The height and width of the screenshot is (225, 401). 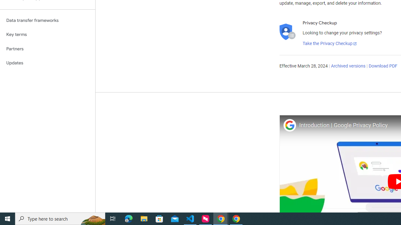 What do you see at coordinates (330, 43) in the screenshot?
I see `'Take the Privacy Checkup'` at bounding box center [330, 43].